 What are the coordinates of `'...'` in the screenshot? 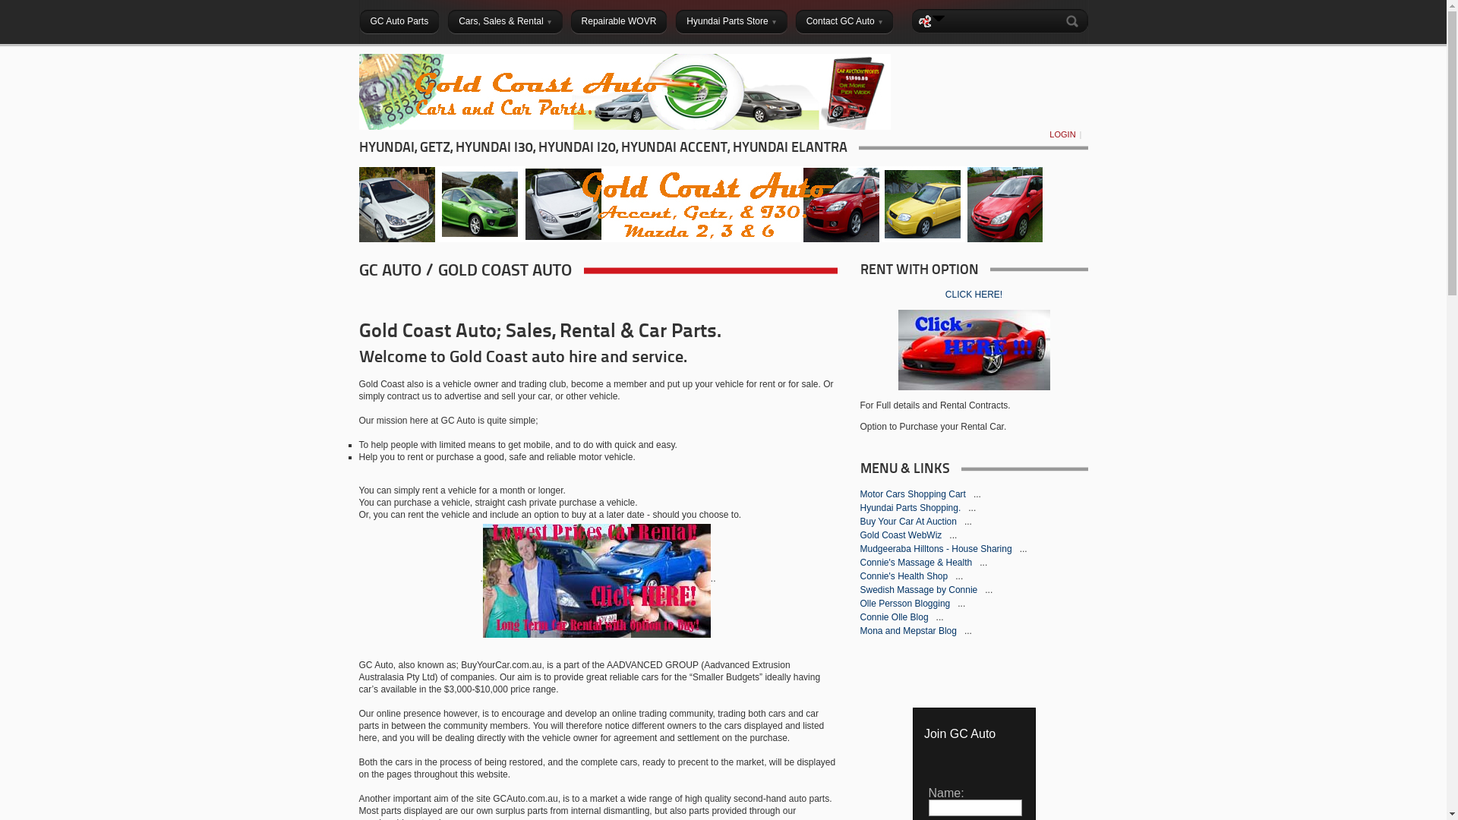 It's located at (958, 576).